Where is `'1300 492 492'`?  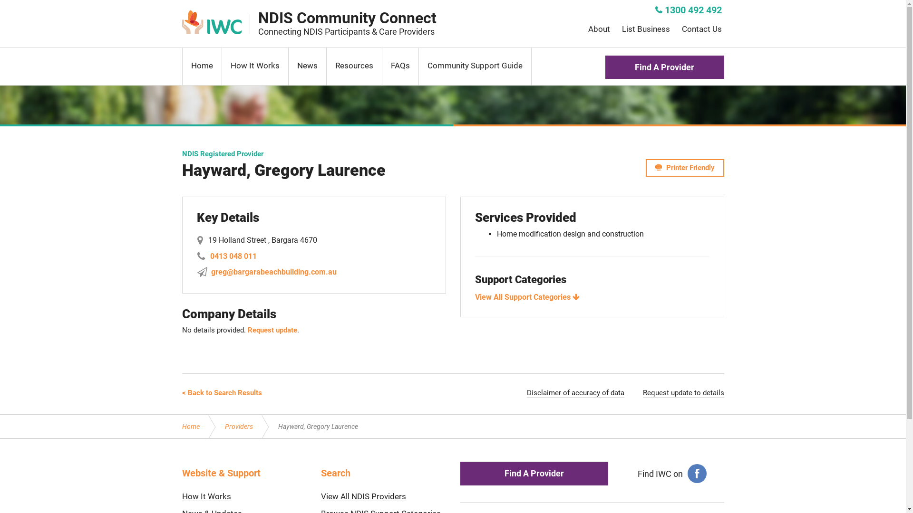 '1300 492 492' is located at coordinates (689, 10).